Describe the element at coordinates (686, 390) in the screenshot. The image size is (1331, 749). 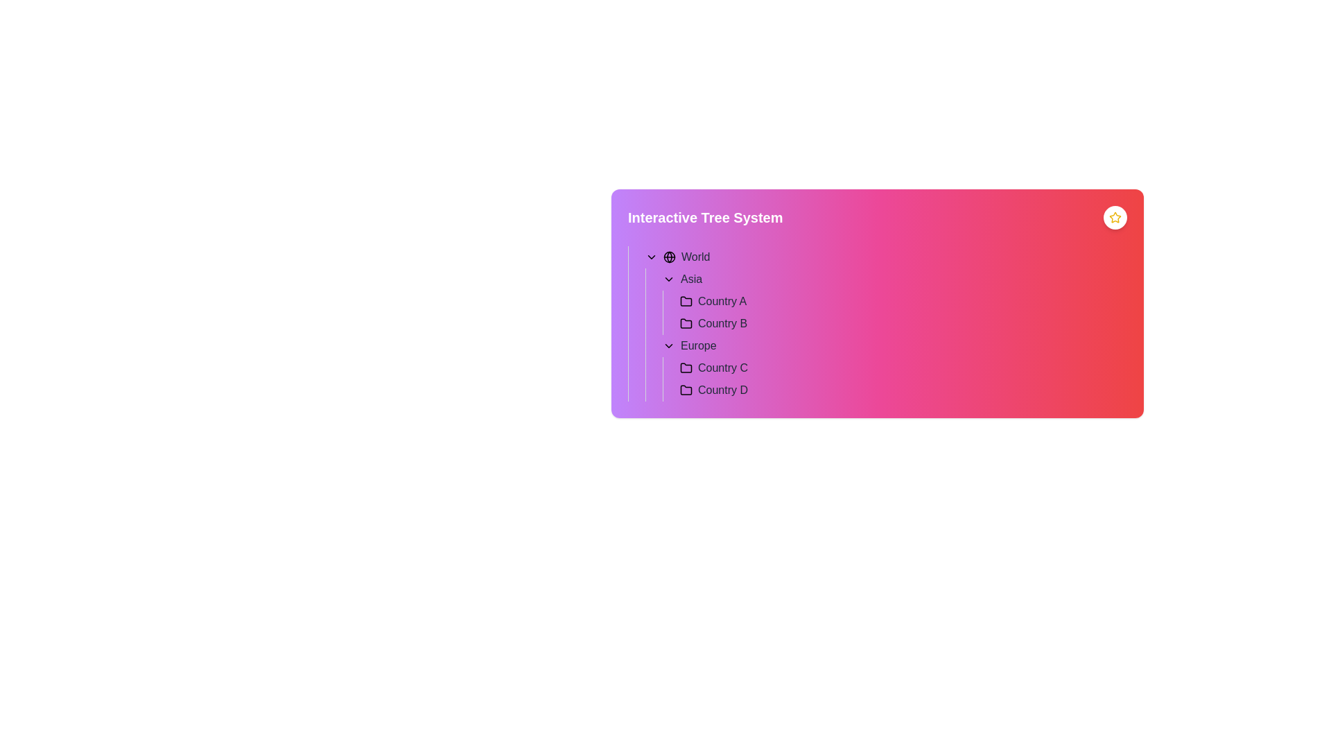
I see `the folder icon representing 'Country D' in the tree structure` at that location.